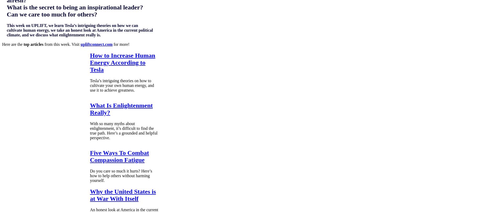 This screenshot has width=497, height=212. I want to click on 'top articles', so click(33, 44).